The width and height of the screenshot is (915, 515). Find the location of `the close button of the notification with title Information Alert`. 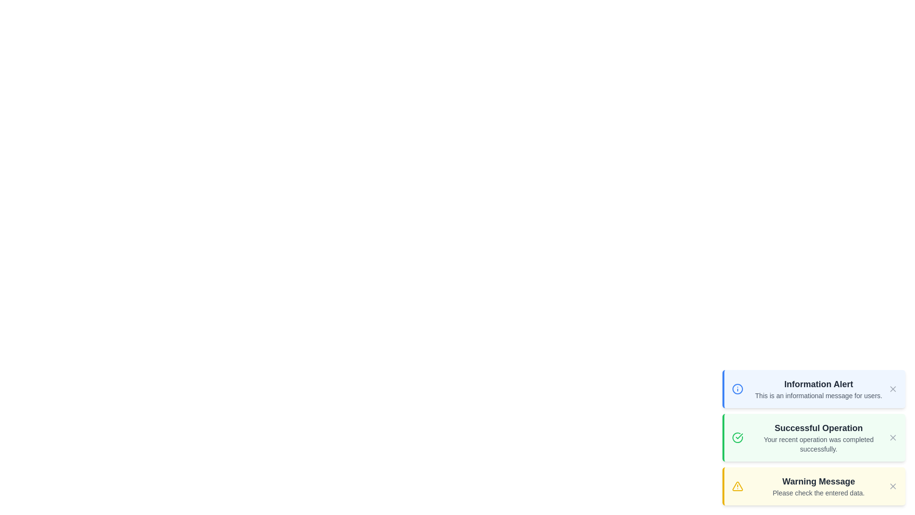

the close button of the notification with title Information Alert is located at coordinates (892, 389).